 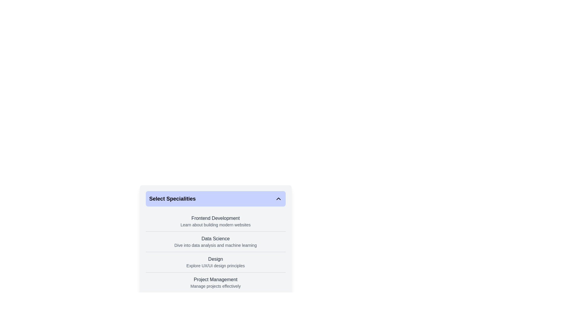 I want to click on to select the 'Data Science' option from the selectable list in the 'Select Specialities' popup, so click(x=215, y=229).